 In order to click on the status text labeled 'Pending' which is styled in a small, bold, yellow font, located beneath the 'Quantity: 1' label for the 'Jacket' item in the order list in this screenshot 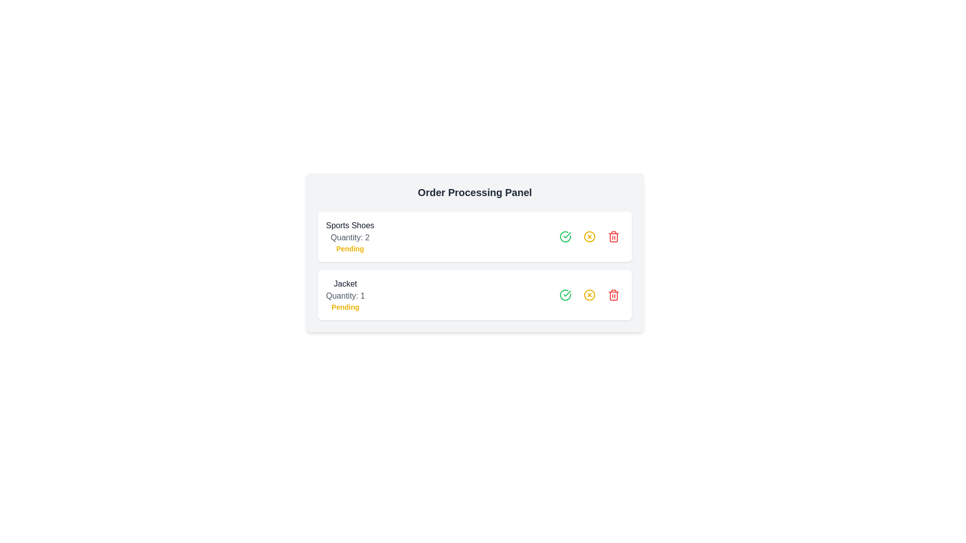, I will do `click(345, 306)`.